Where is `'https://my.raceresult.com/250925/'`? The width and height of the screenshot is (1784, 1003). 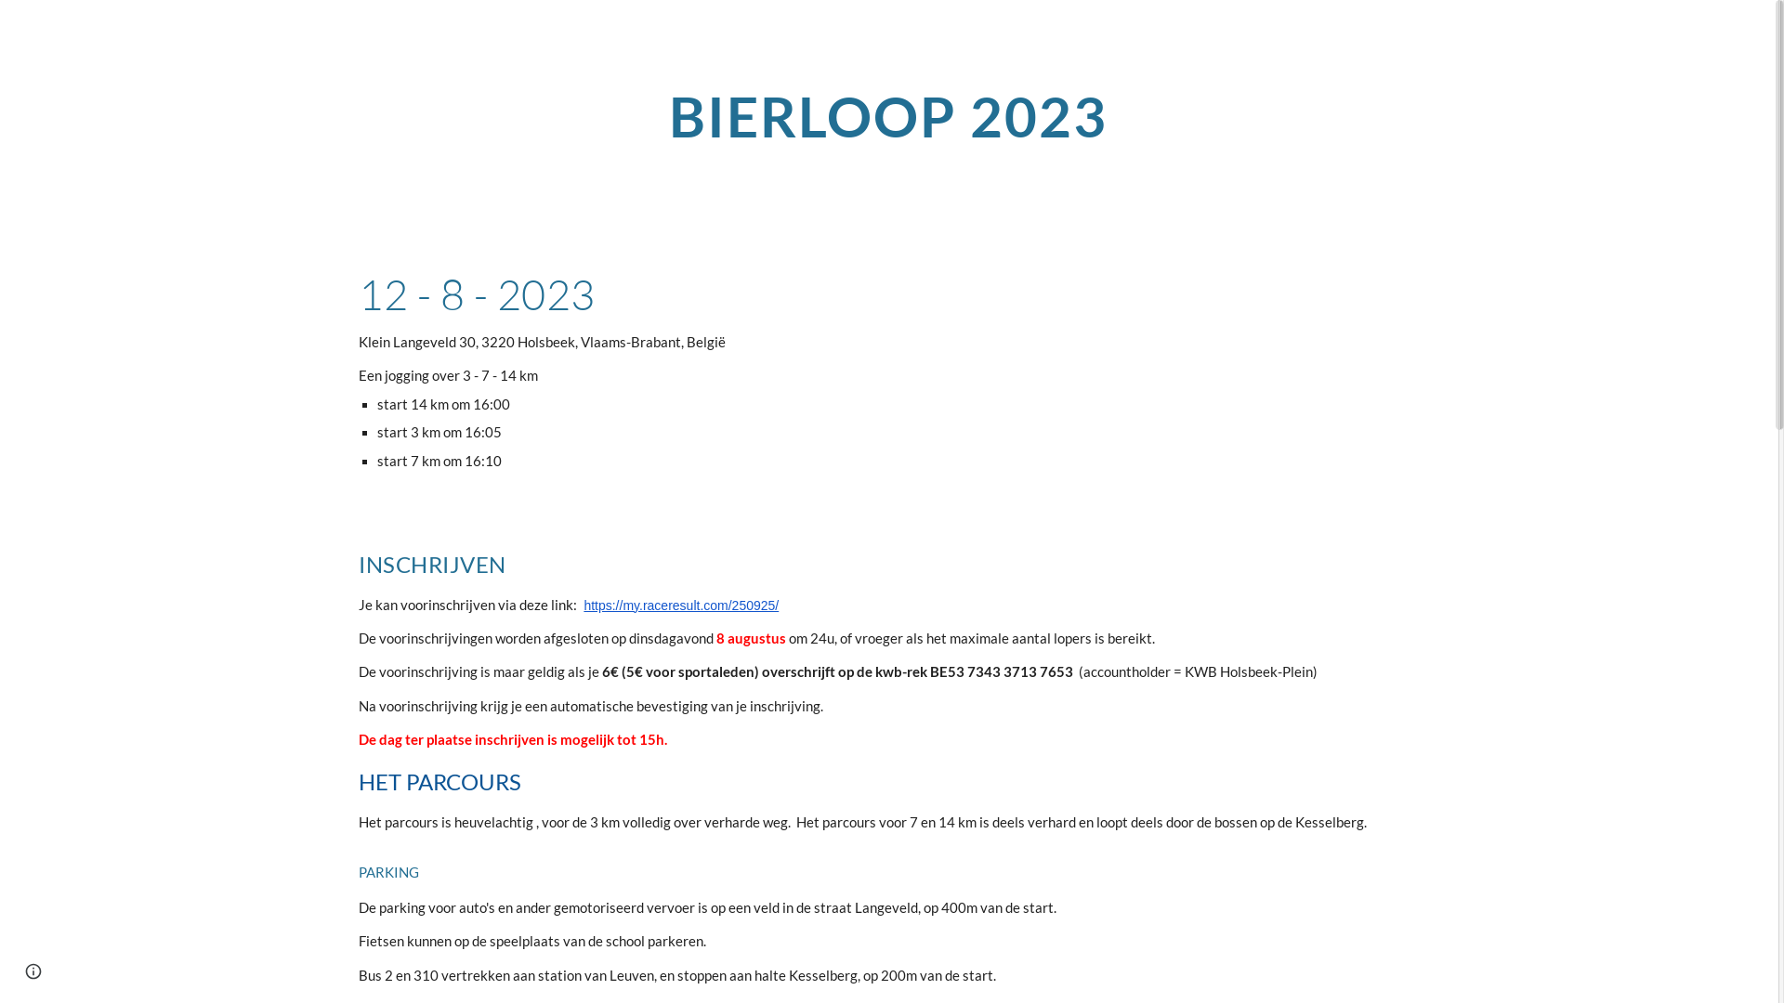
'https://my.raceresult.com/250925/' is located at coordinates (680, 604).